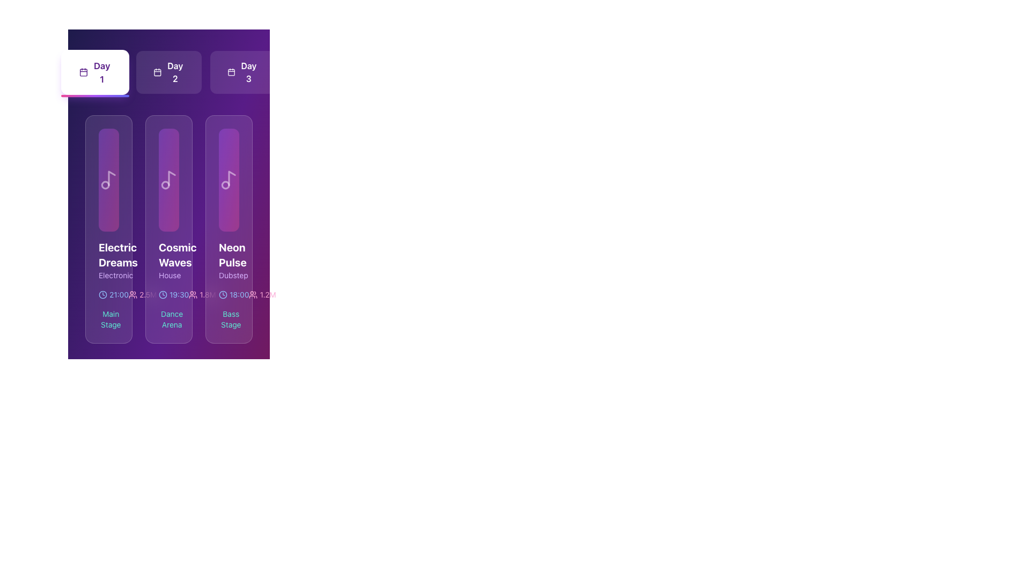 This screenshot has height=579, width=1030. Describe the element at coordinates (103, 295) in the screenshot. I see `the SVG circle icon that is part of the clock icon in the 'Day 1' section, located next to the time '21:00'` at that location.